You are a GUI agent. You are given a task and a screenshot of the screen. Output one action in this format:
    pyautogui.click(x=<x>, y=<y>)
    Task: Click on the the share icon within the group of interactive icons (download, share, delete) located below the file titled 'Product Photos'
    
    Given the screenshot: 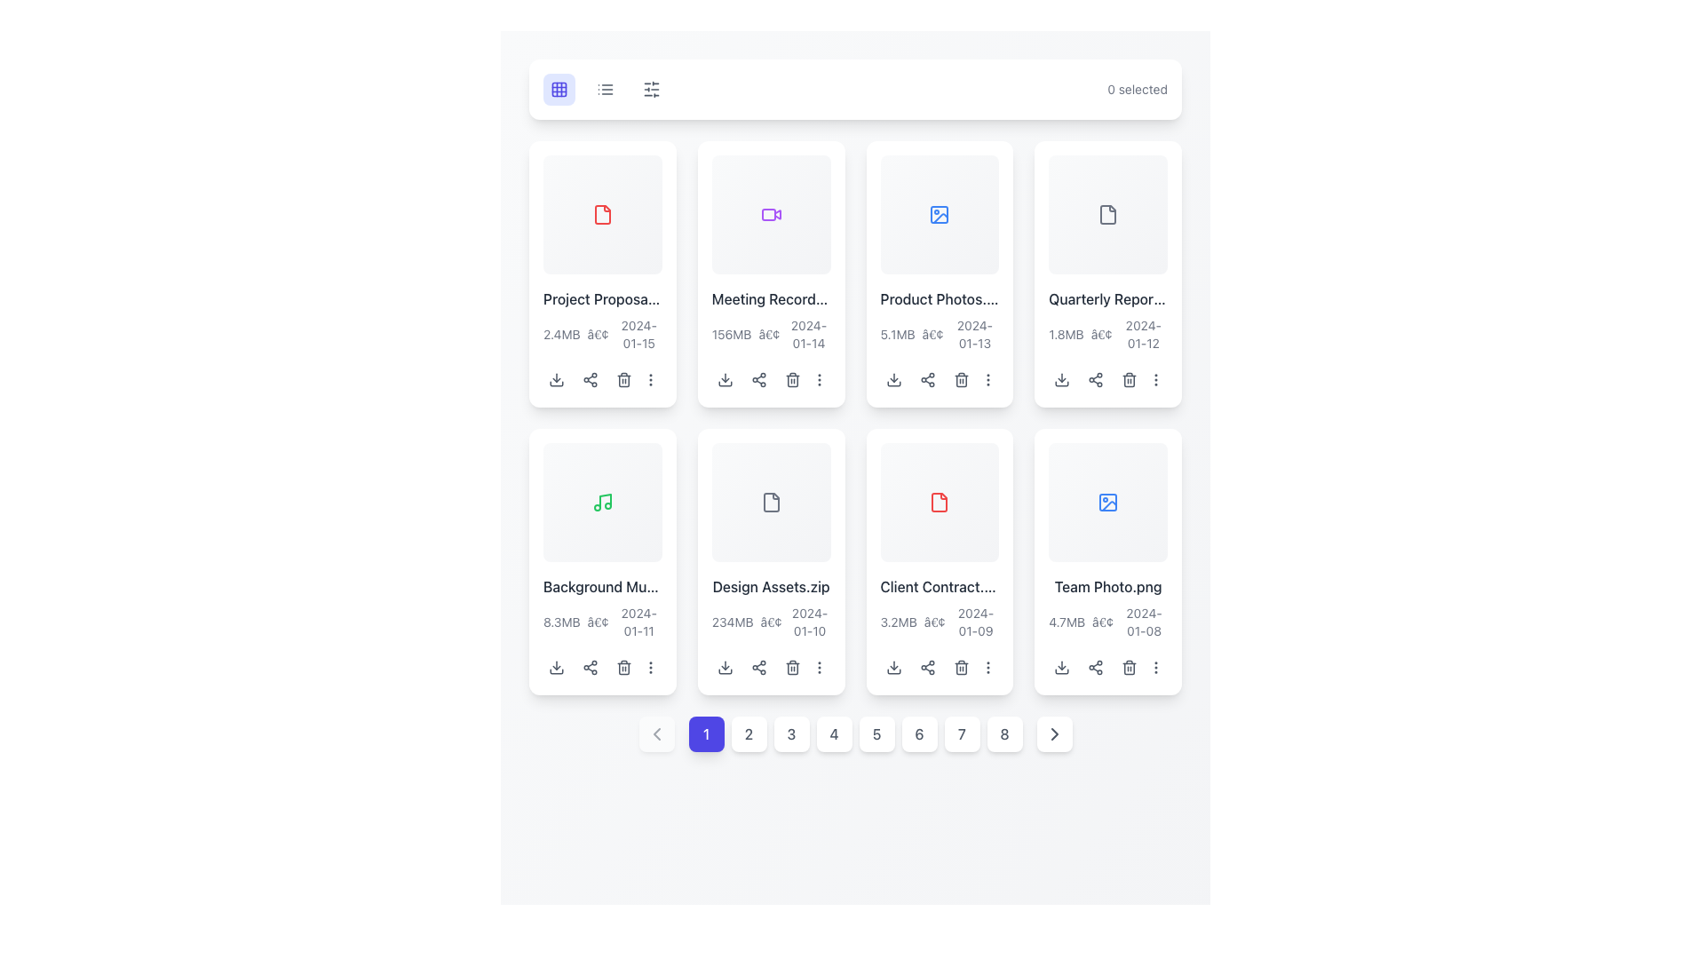 What is the action you would take?
    pyautogui.click(x=926, y=378)
    